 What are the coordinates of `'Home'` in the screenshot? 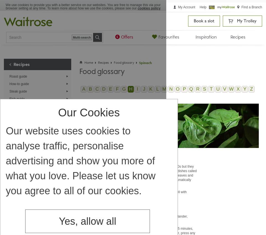 It's located at (89, 62).